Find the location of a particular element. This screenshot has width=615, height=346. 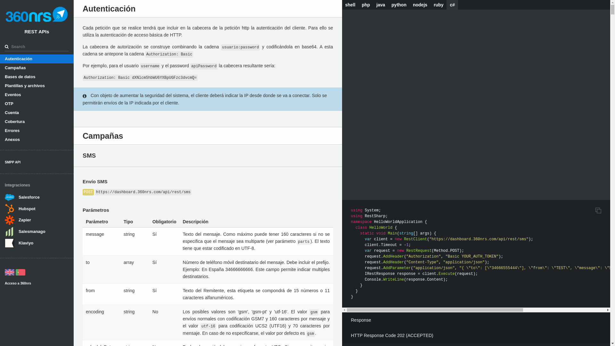

'Eventos' is located at coordinates (37, 95).